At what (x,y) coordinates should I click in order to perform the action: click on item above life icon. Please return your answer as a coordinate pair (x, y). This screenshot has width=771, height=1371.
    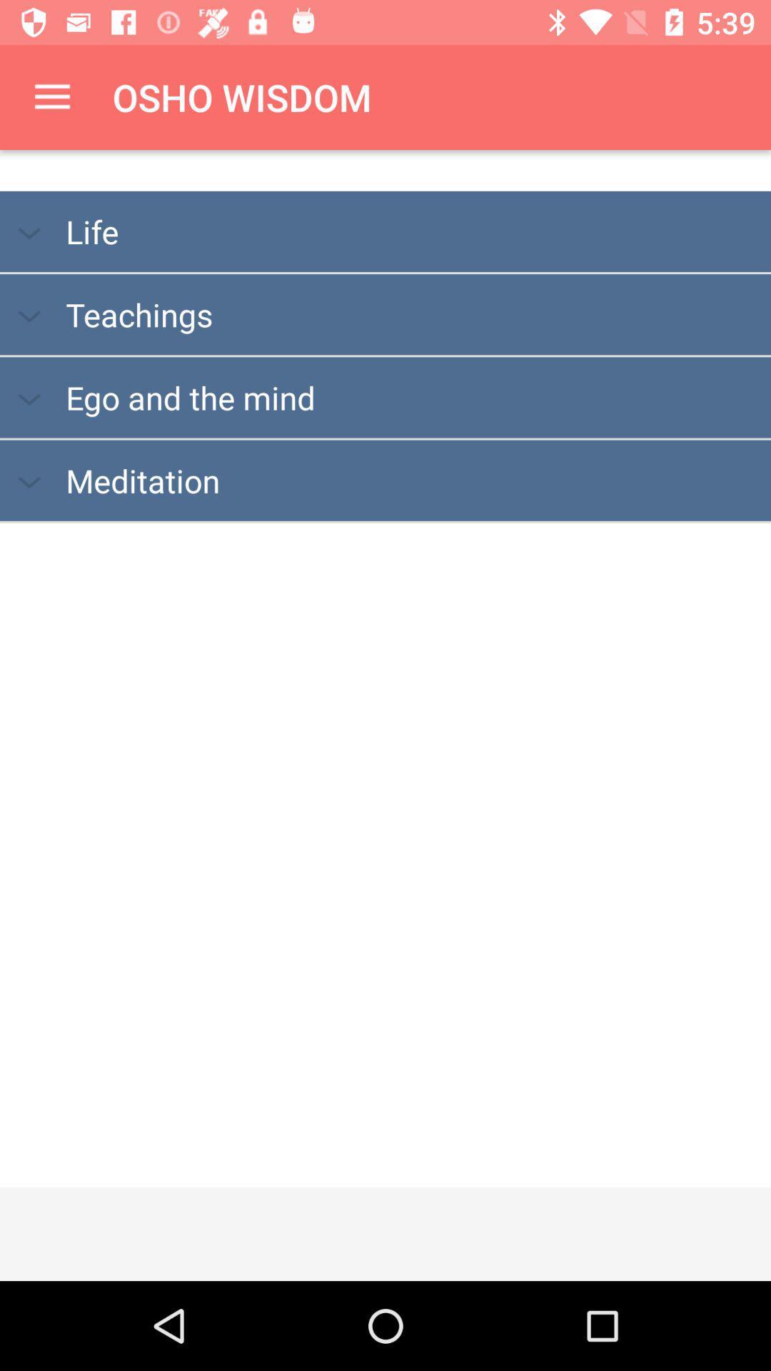
    Looking at the image, I should click on (51, 96).